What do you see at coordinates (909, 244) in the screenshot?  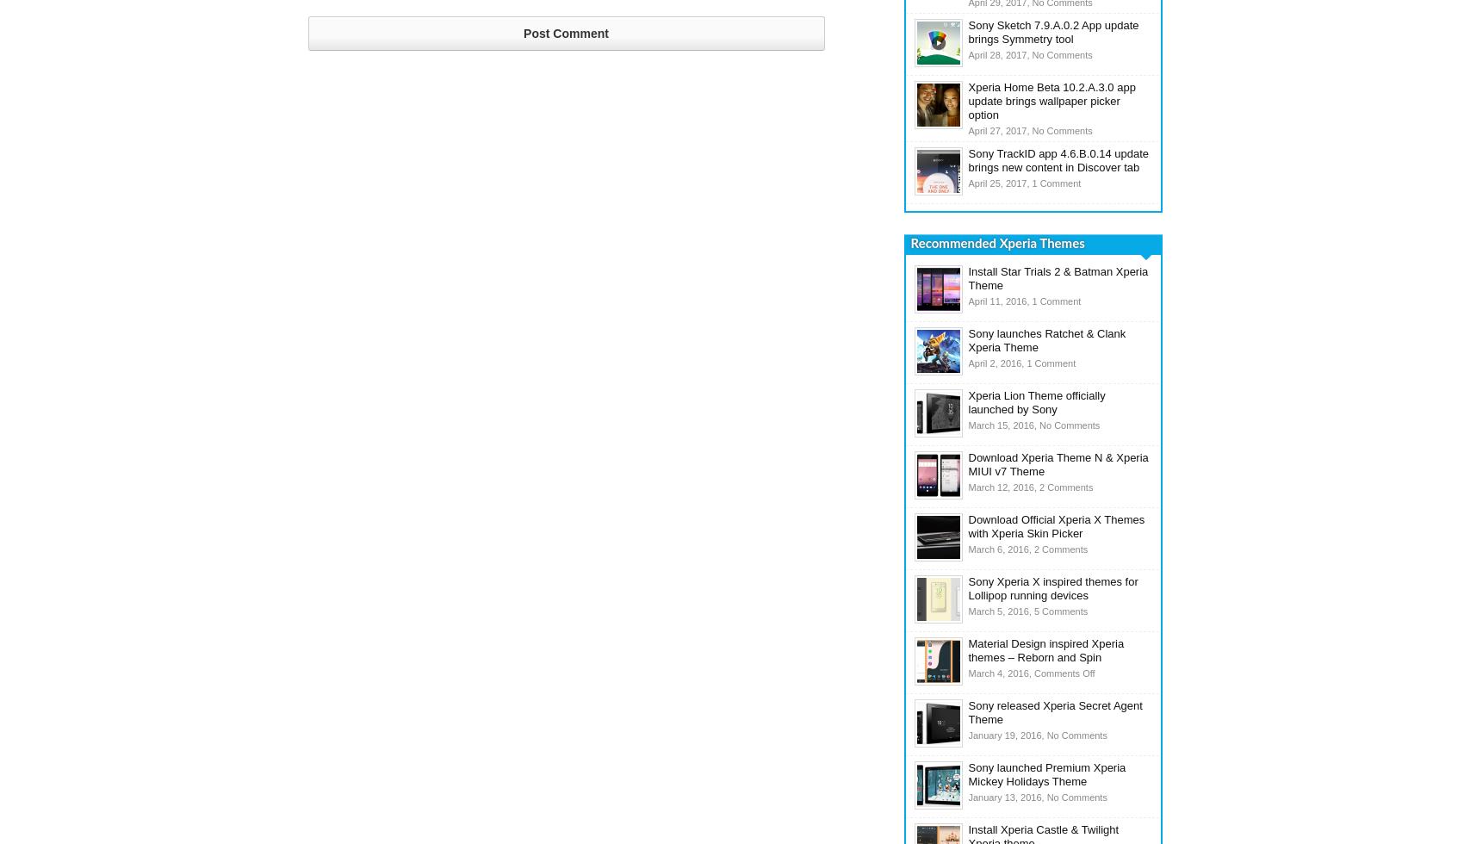 I see `'Recommended Xperia Themes'` at bounding box center [909, 244].